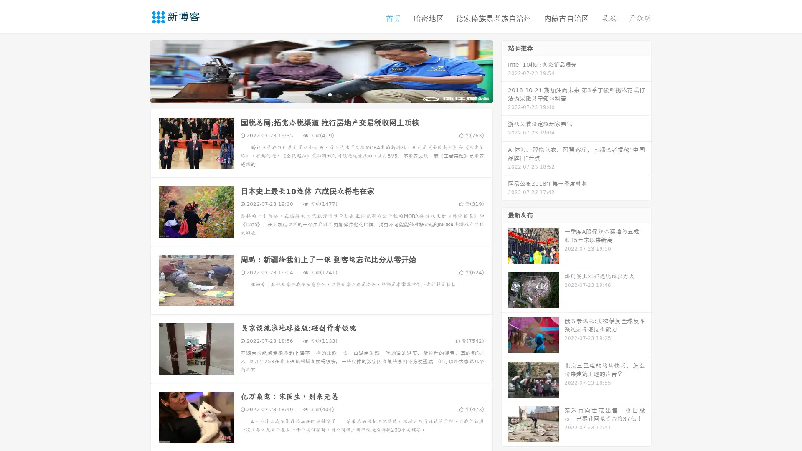 This screenshot has height=451, width=802. What do you see at coordinates (312, 94) in the screenshot?
I see `Go to slide 1` at bounding box center [312, 94].